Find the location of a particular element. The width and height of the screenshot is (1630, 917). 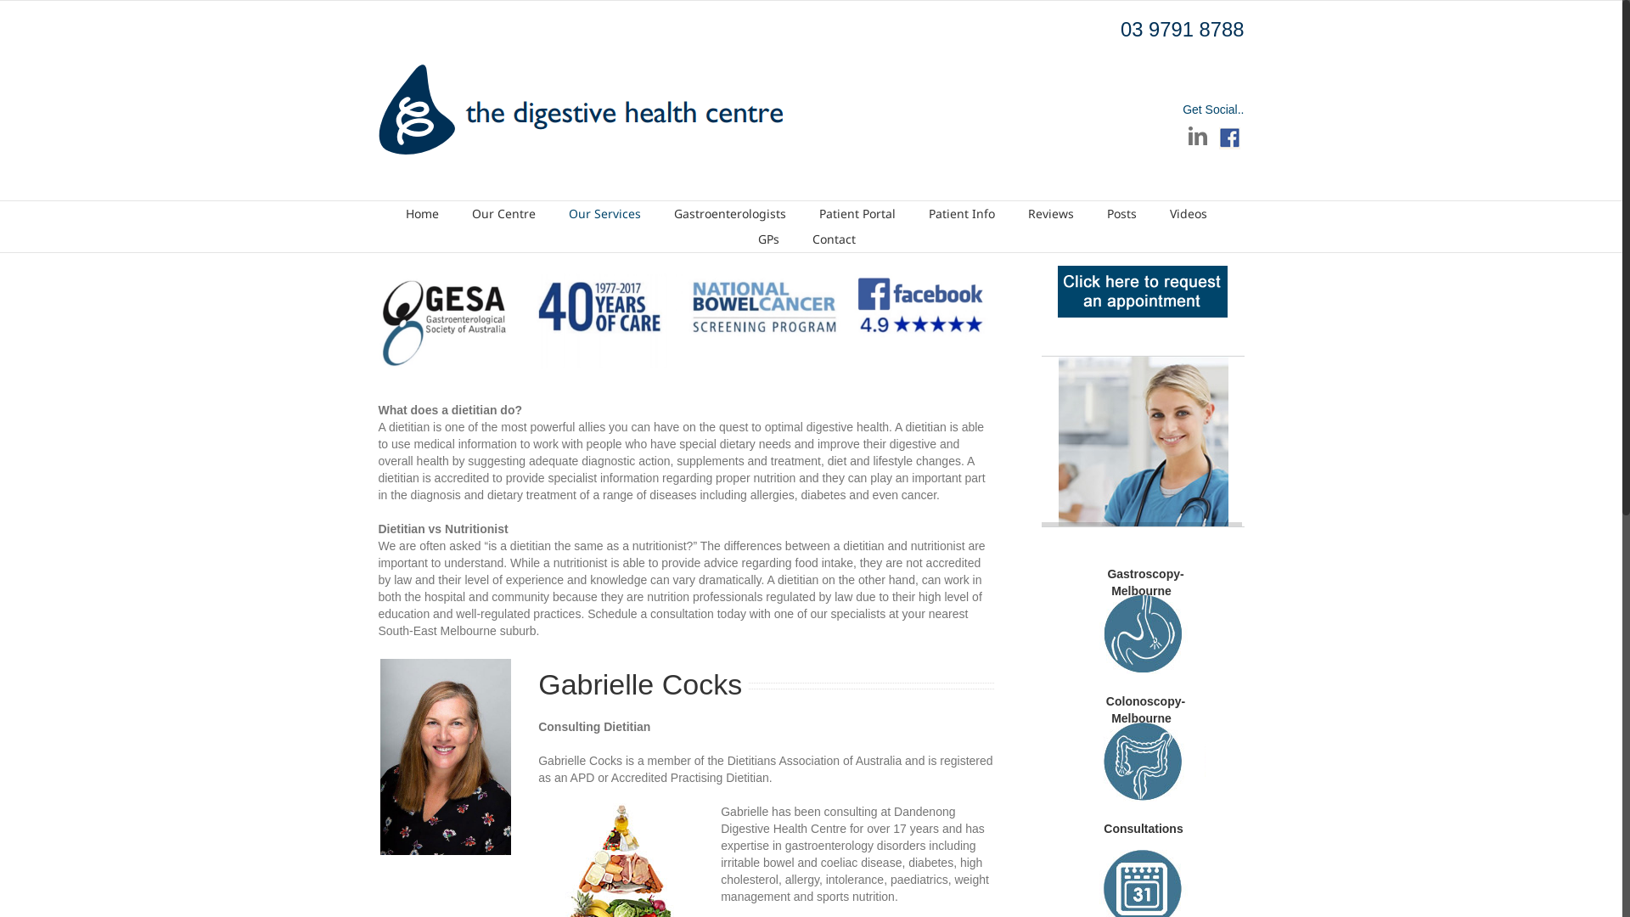

'Gabrielle-Cocks' is located at coordinates (445, 756).